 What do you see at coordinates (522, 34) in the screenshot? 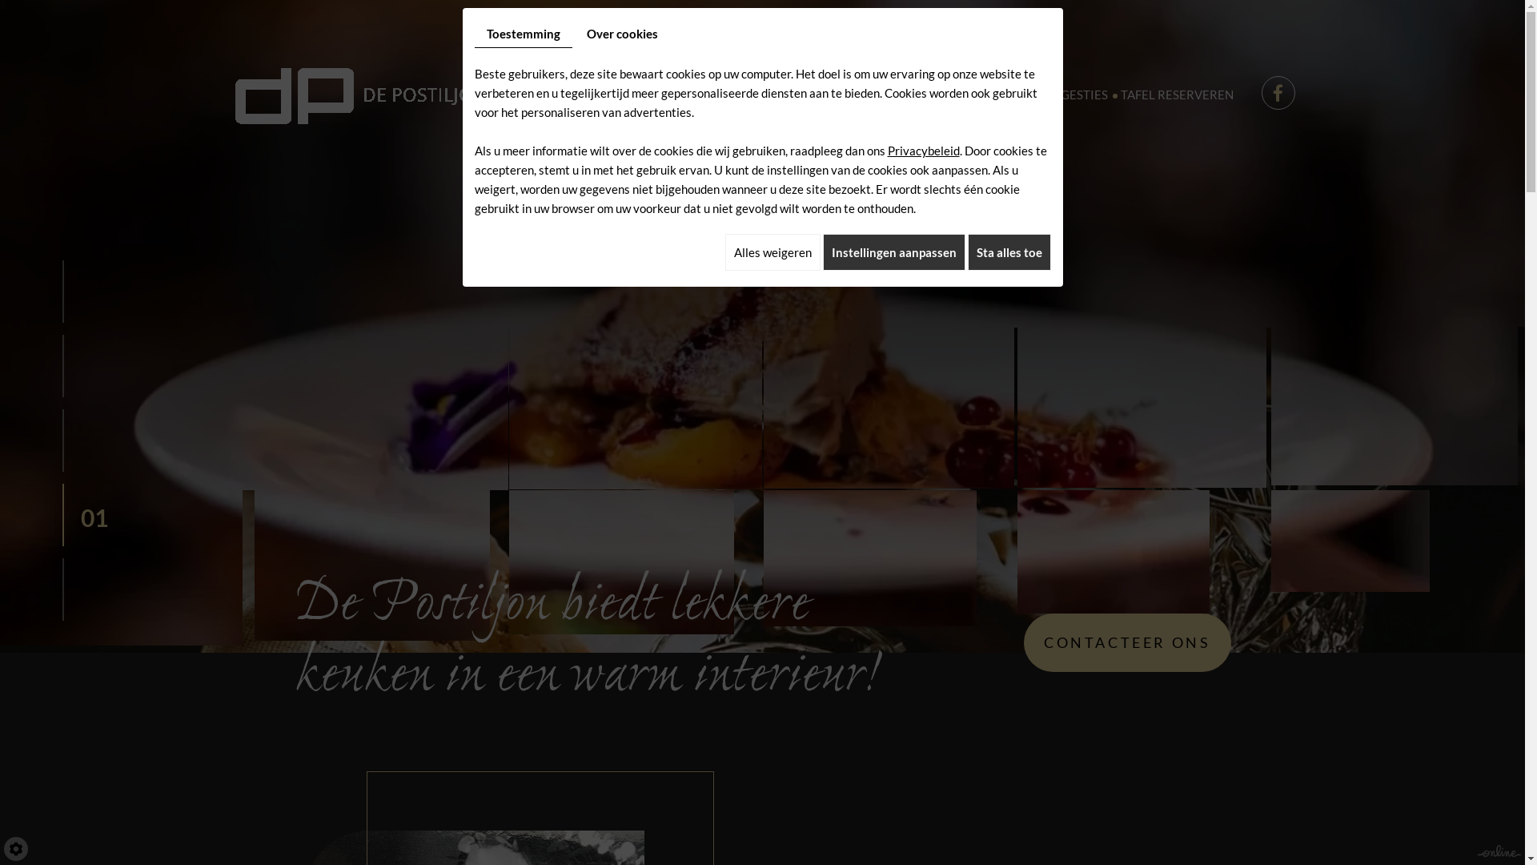
I see `'Toestemming'` at bounding box center [522, 34].